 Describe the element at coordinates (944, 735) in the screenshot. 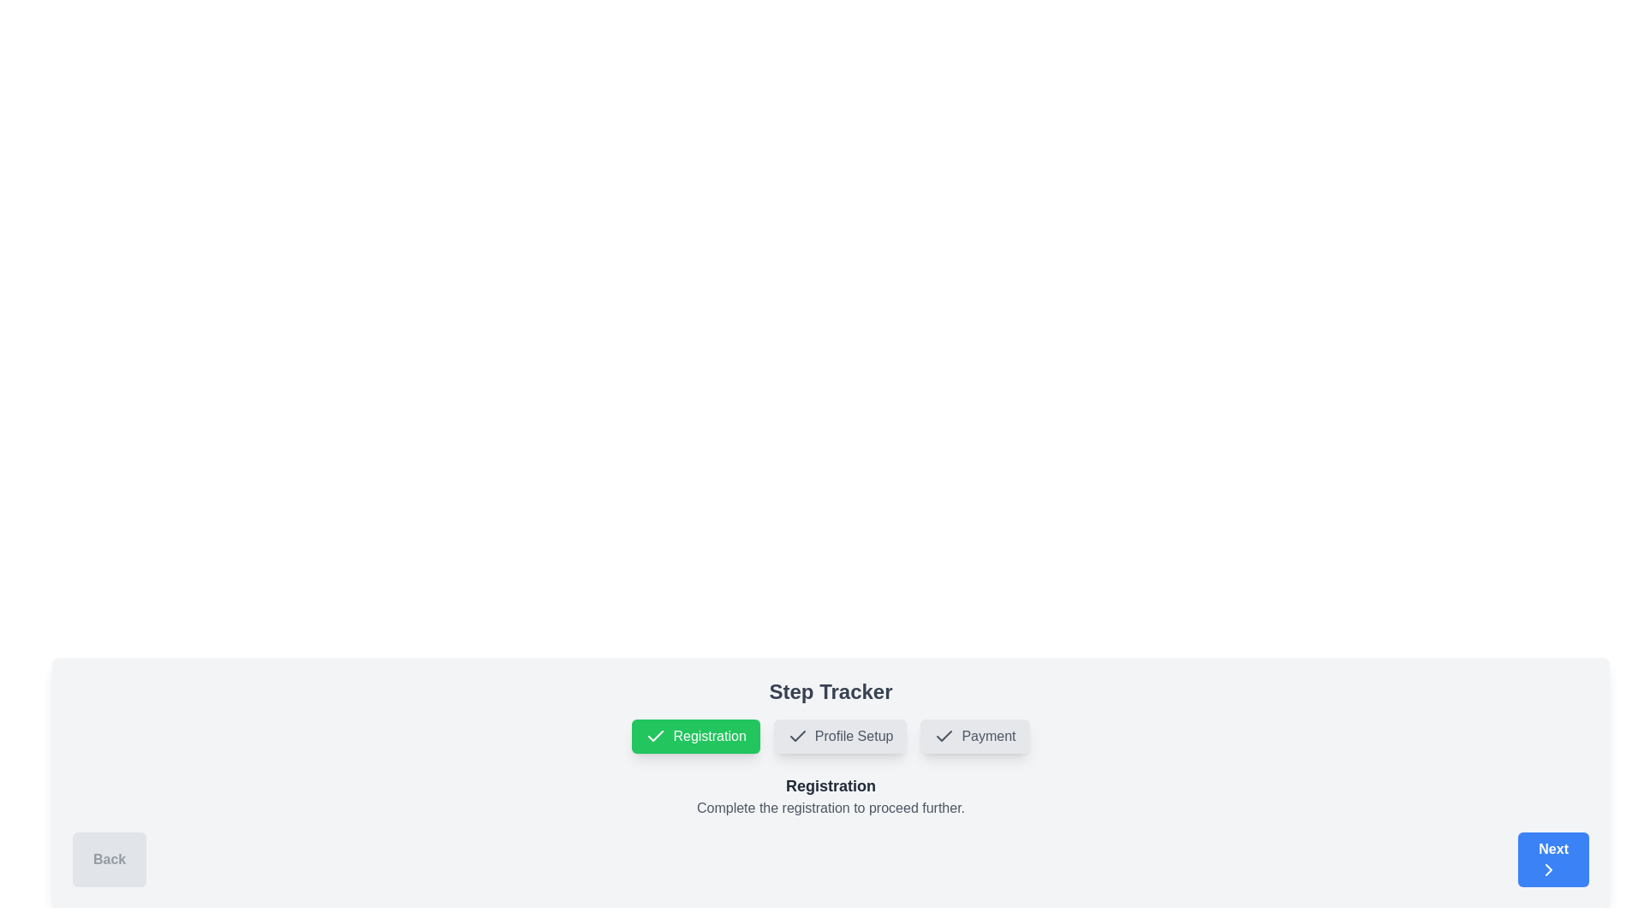

I see `the checkmark icon within the 'Registration' box under the 'Step Tracker' heading` at that location.